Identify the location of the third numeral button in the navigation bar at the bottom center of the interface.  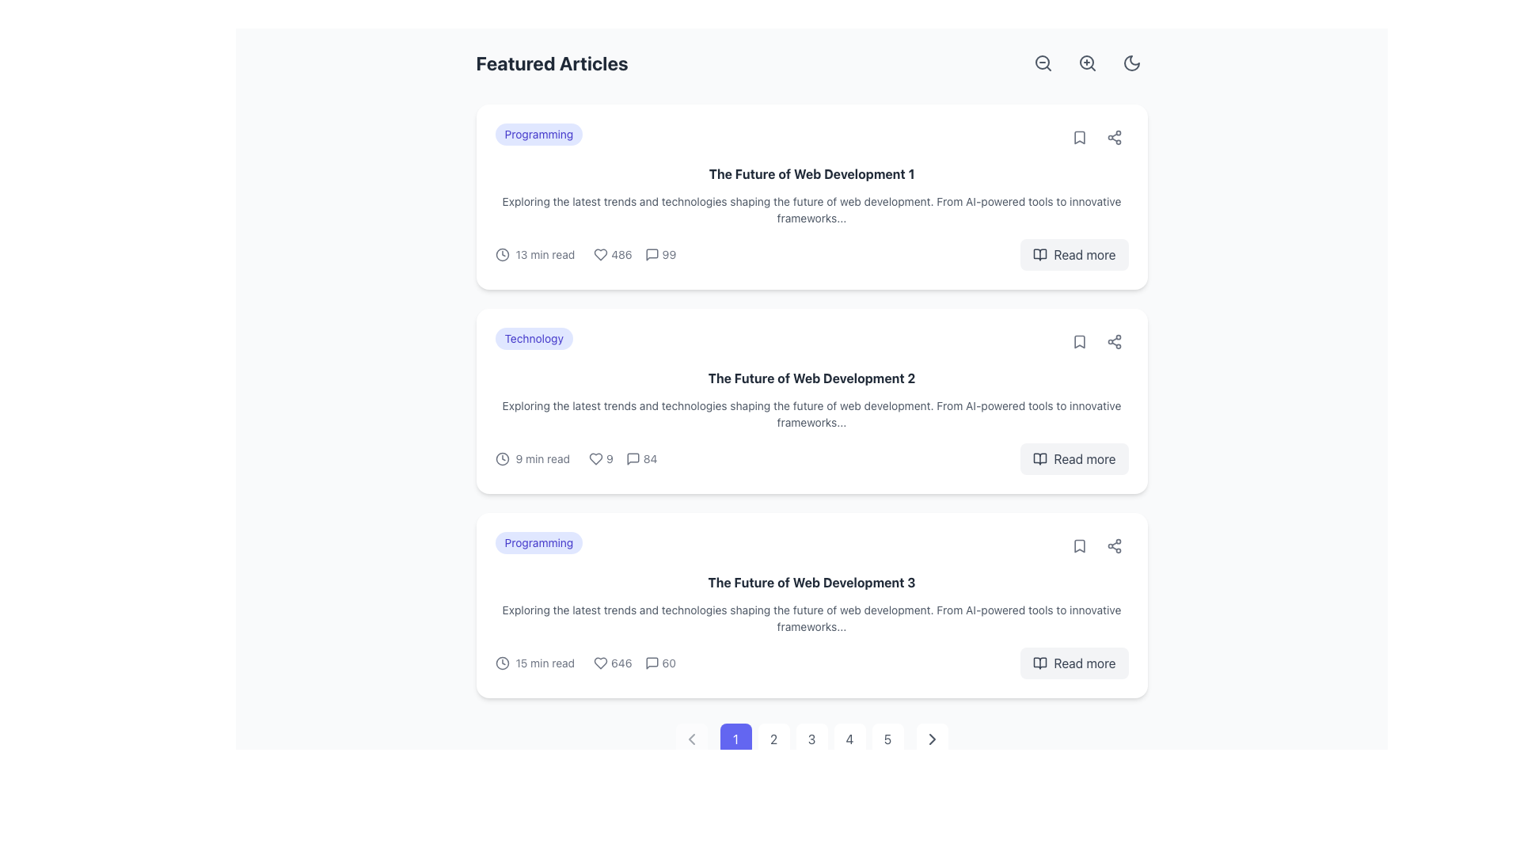
(811, 739).